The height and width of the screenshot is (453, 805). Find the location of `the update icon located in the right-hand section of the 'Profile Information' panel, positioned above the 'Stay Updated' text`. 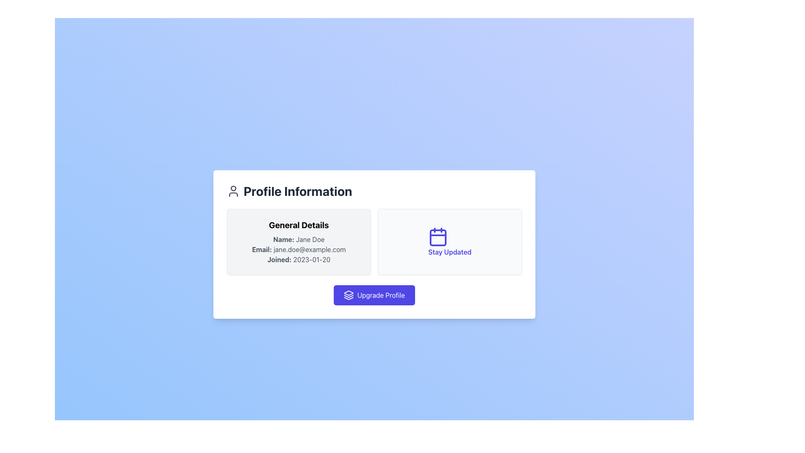

the update icon located in the right-hand section of the 'Profile Information' panel, positioned above the 'Stay Updated' text is located at coordinates (438, 237).